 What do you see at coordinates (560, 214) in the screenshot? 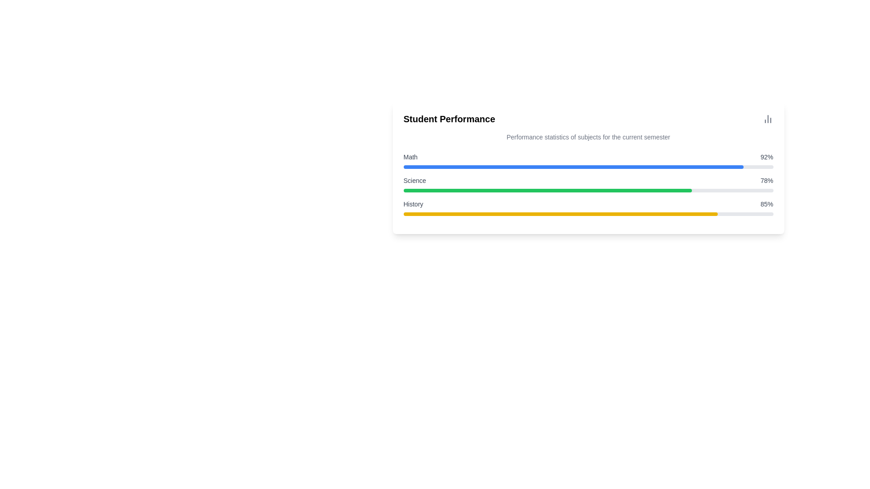
I see `the yellow horizontal progress bar indicating 85% progress for 'History', located at the bottom of the 'Student Performance' card` at bounding box center [560, 214].